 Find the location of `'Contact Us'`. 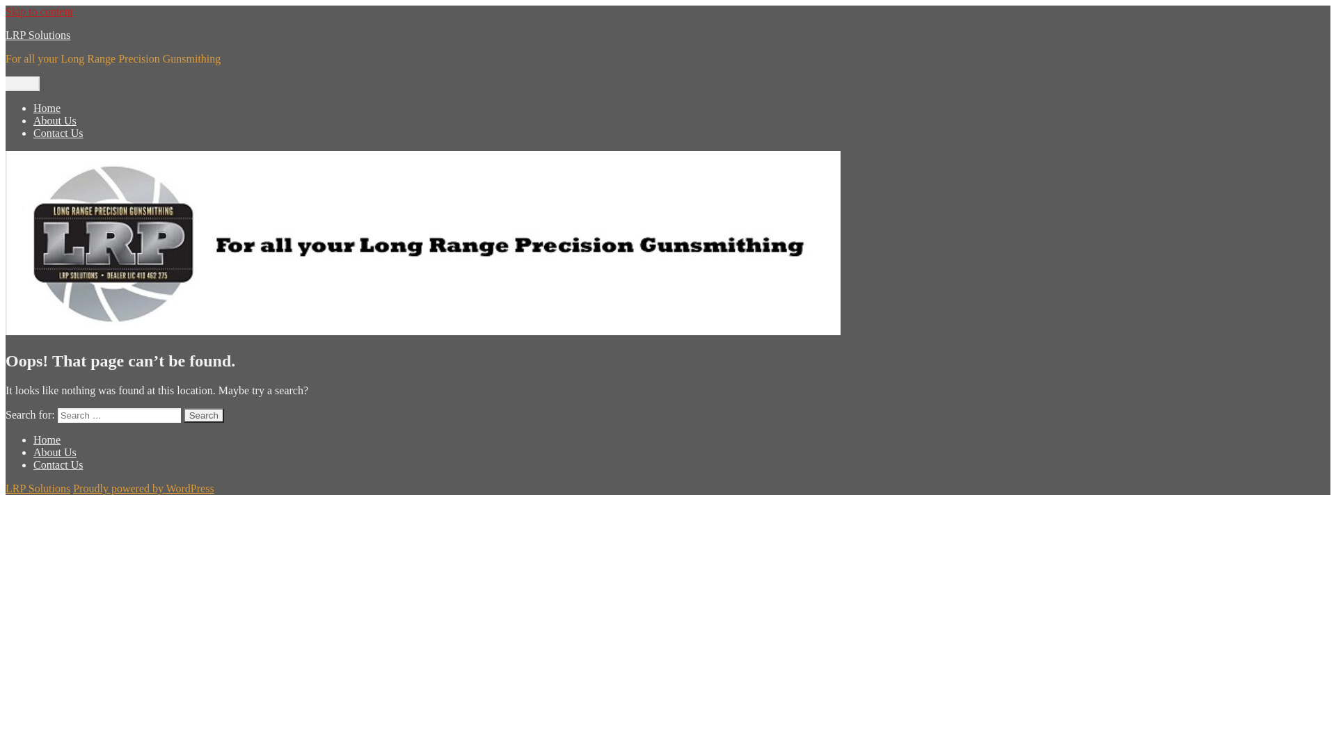

'Contact Us' is located at coordinates (57, 465).